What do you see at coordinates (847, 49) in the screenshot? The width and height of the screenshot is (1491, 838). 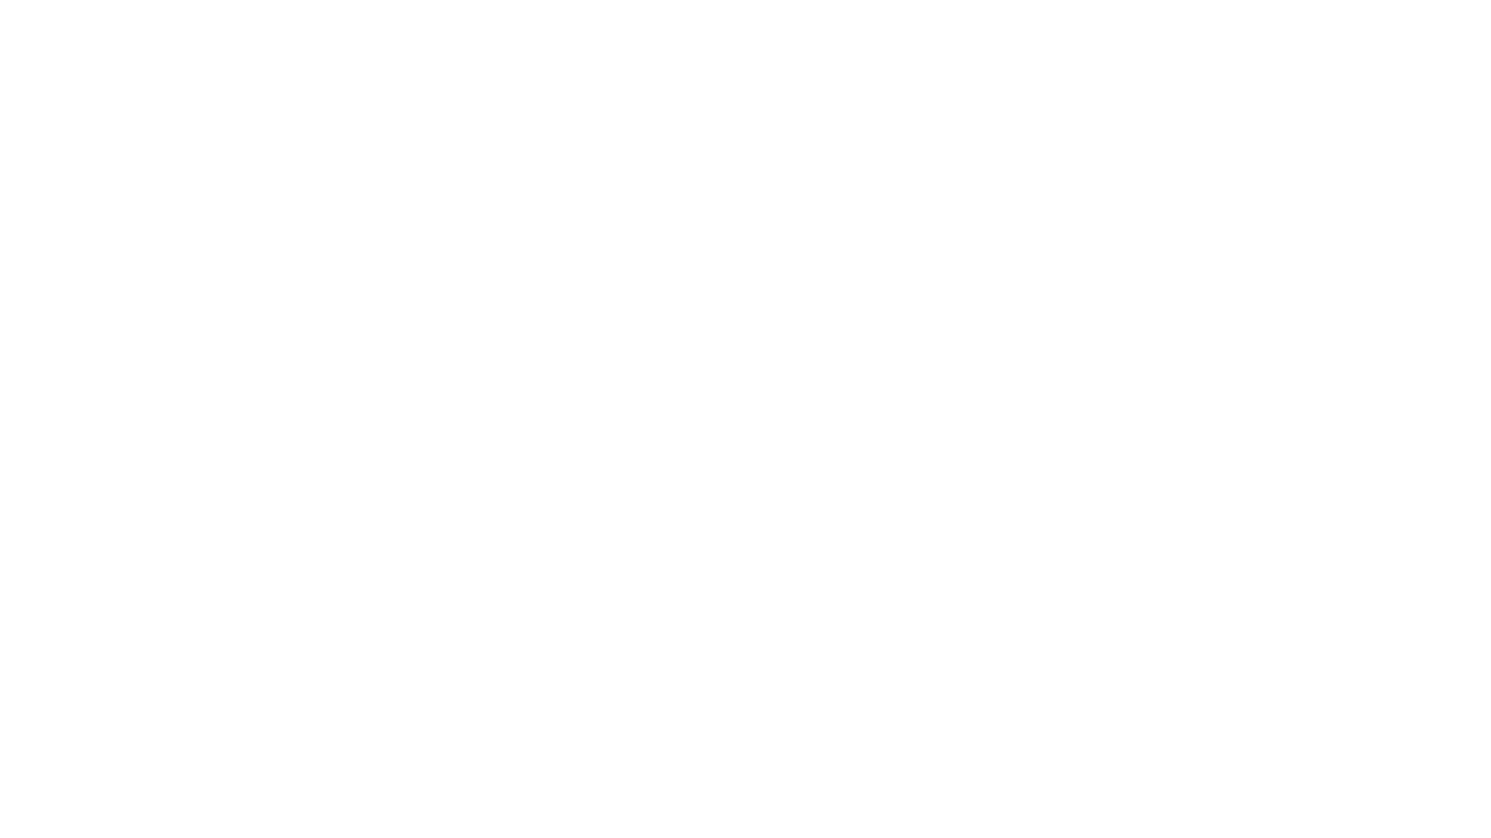 I see `Schedule of Events` at bounding box center [847, 49].